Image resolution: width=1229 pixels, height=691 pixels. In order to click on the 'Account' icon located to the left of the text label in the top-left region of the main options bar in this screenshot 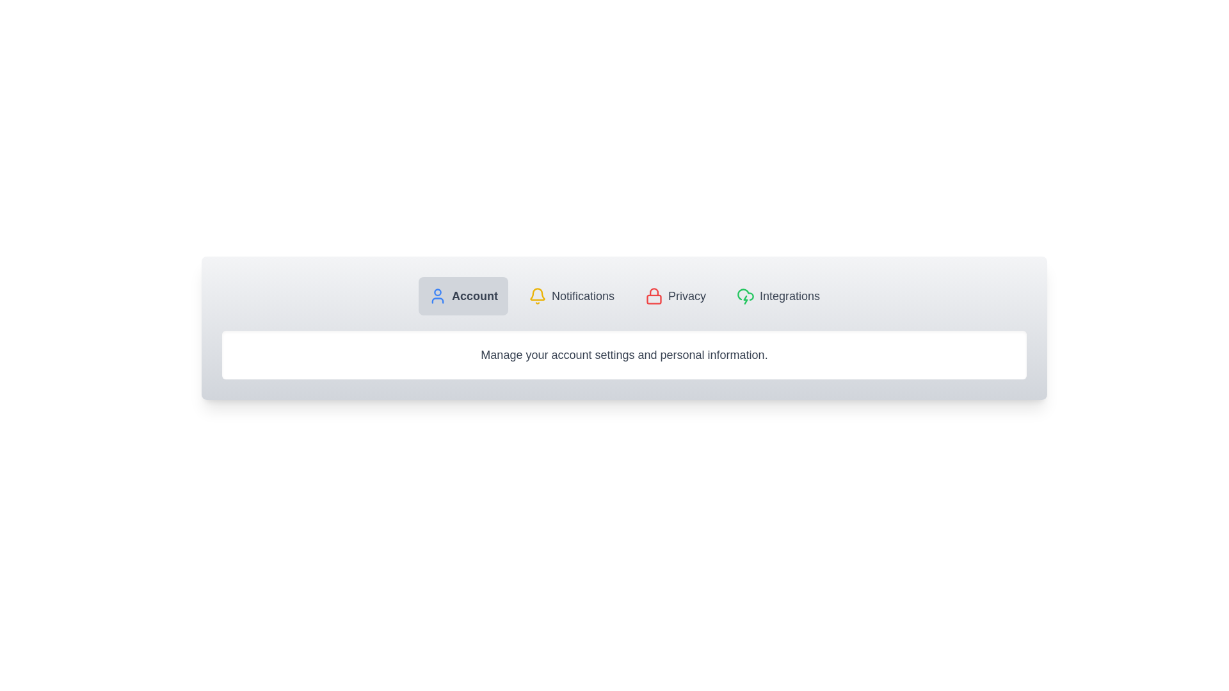, I will do `click(437, 296)`.